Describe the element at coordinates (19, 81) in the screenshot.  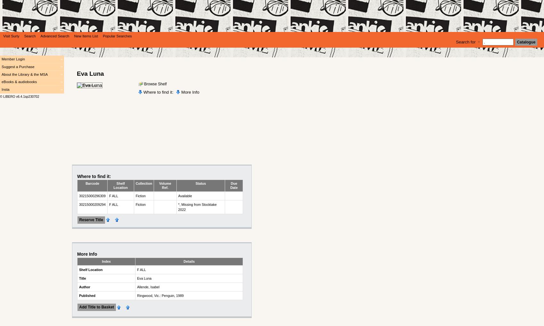
I see `'eBooks & audiobooks'` at that location.